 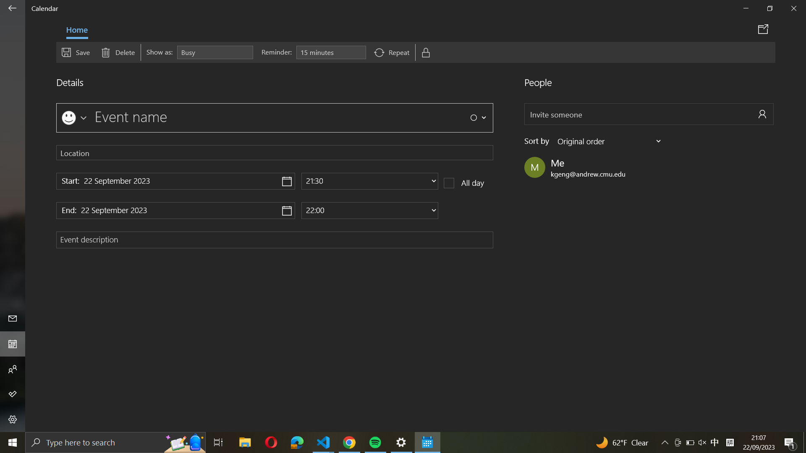 I want to click on the option to establish the end date, so click(x=175, y=209).